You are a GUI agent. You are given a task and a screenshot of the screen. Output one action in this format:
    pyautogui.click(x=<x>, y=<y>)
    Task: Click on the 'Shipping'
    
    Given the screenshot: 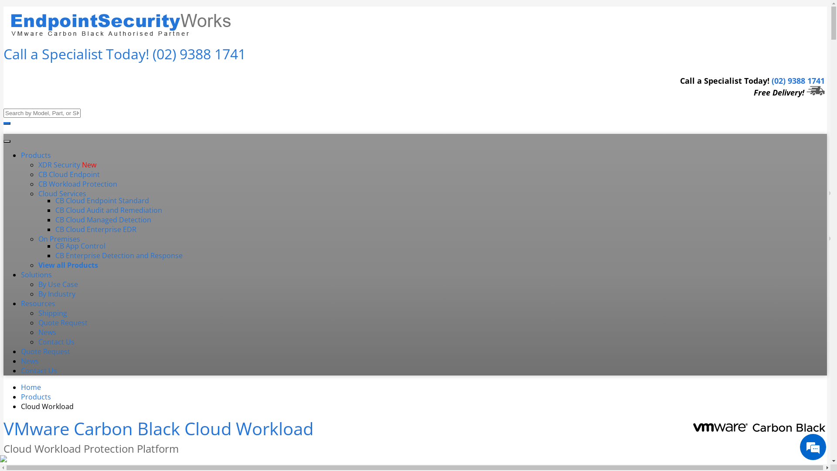 What is the action you would take?
    pyautogui.click(x=52, y=312)
    